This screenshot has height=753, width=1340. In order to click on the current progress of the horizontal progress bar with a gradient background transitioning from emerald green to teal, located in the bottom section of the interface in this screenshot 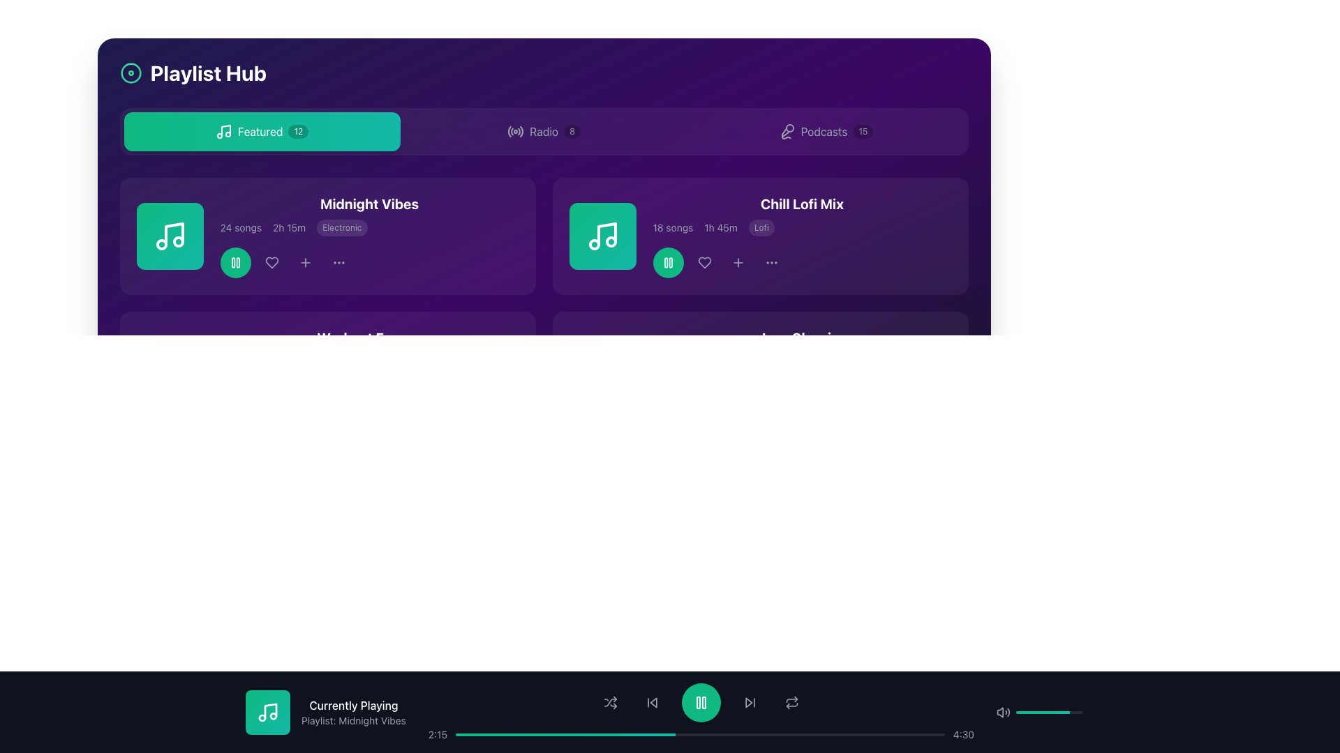, I will do `click(565, 733)`.